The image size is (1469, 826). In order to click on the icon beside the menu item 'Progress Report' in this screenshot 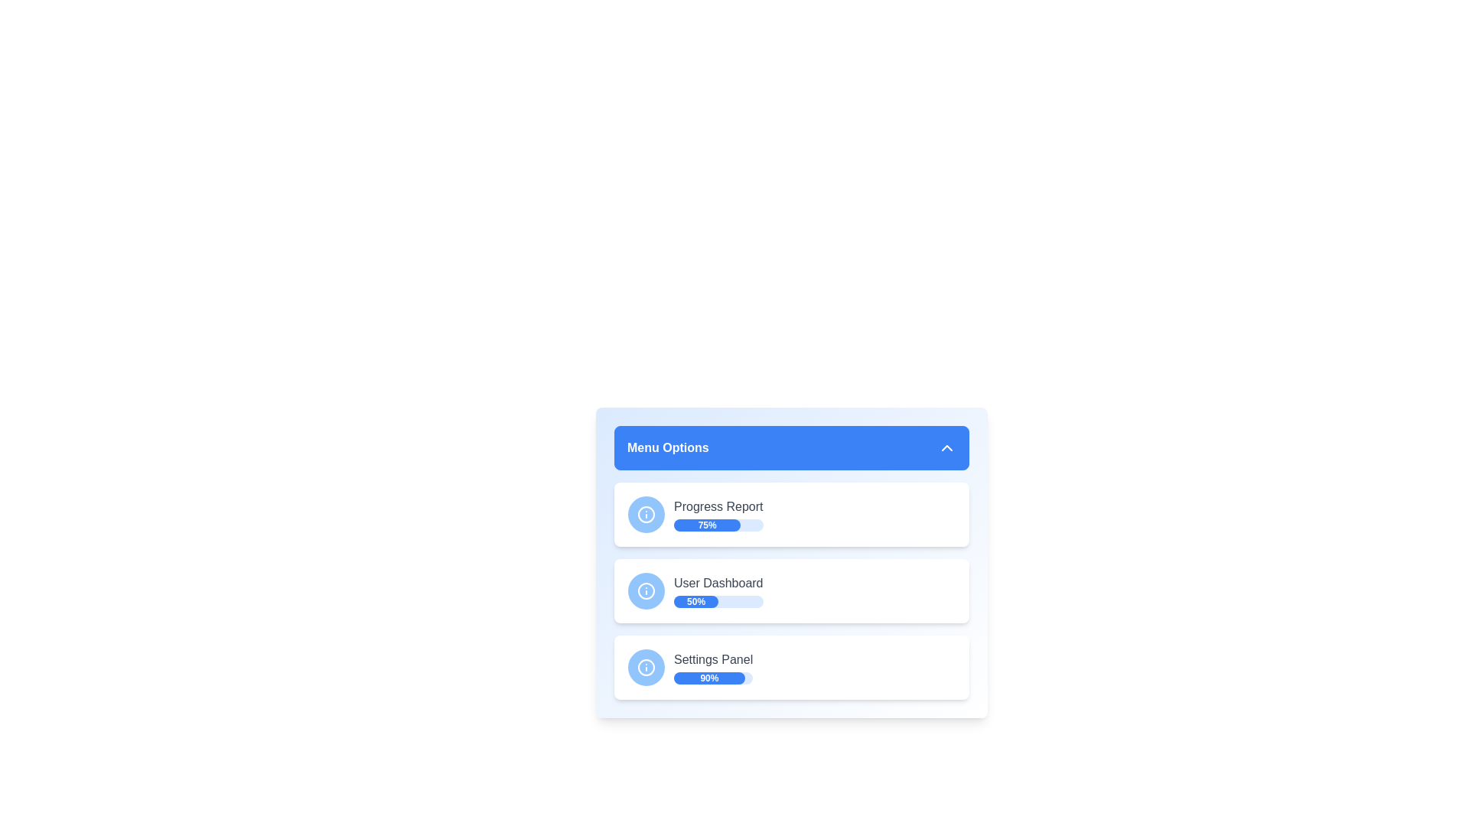, I will do `click(646, 514)`.